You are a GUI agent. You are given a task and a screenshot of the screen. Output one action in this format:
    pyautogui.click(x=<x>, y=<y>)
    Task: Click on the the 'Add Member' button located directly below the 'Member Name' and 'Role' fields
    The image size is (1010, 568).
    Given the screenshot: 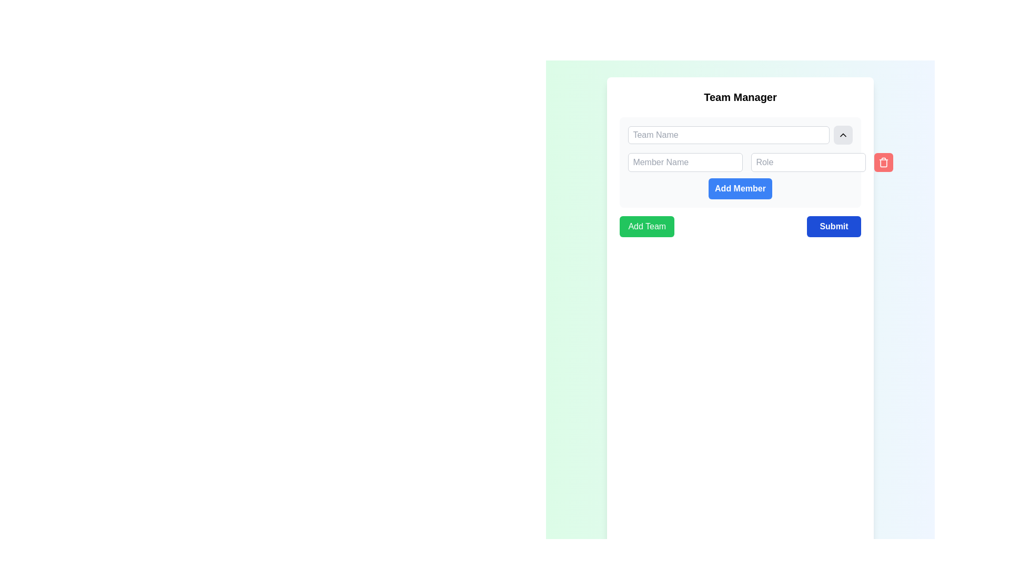 What is the action you would take?
    pyautogui.click(x=740, y=176)
    